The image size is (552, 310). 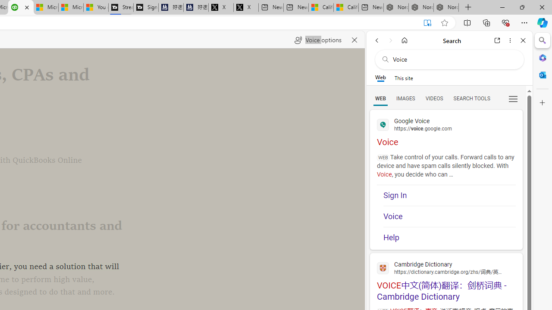 I want to click on 'Close read aloud', so click(x=354, y=40).